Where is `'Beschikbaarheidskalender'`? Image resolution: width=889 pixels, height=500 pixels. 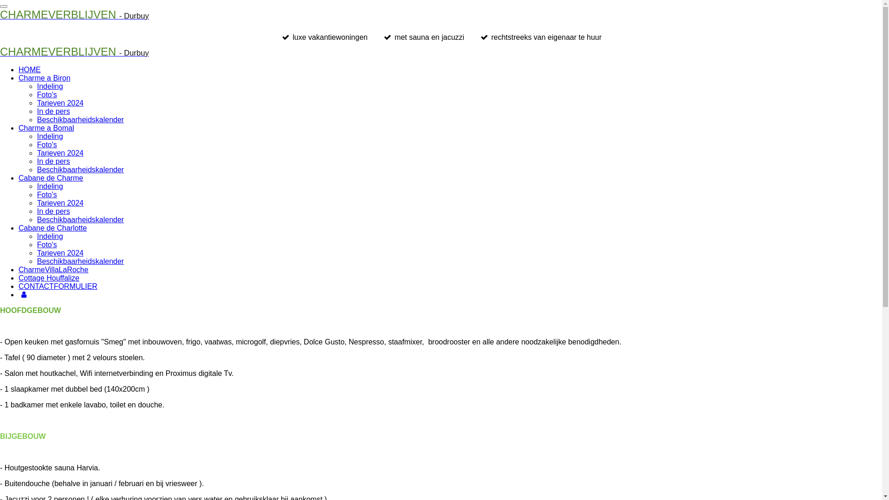
'Beschikbaarheidskalender' is located at coordinates (80, 169).